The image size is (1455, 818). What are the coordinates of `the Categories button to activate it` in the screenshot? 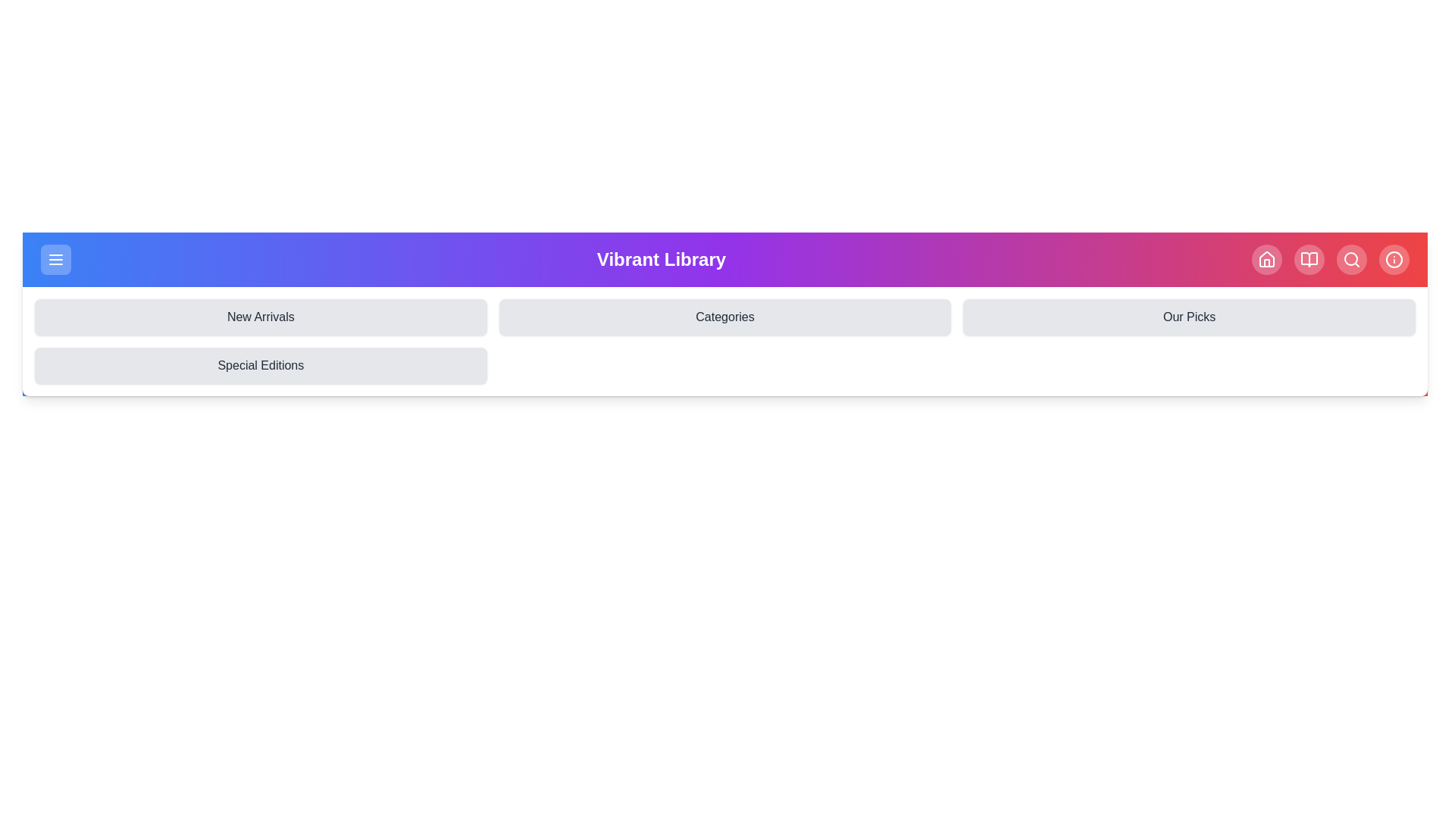 It's located at (724, 317).